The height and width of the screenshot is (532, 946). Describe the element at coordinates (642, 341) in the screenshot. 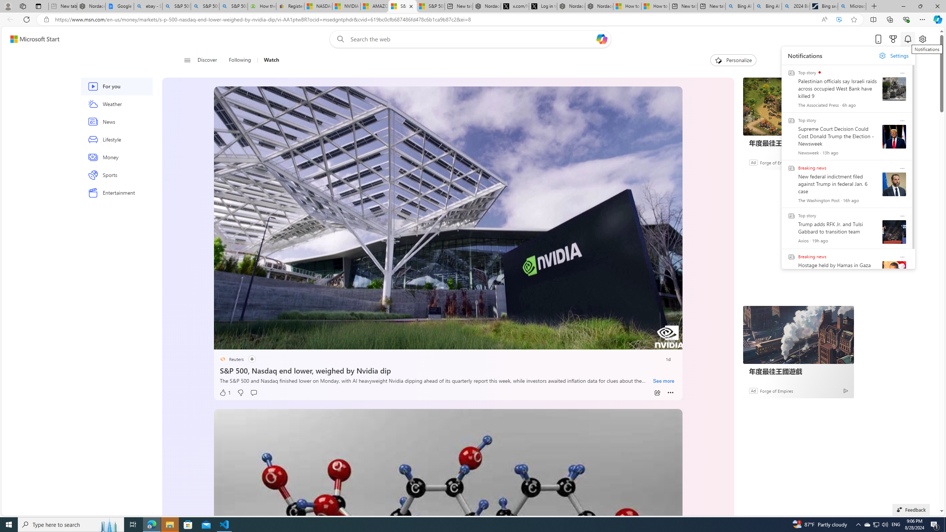

I see `'Captions'` at that location.